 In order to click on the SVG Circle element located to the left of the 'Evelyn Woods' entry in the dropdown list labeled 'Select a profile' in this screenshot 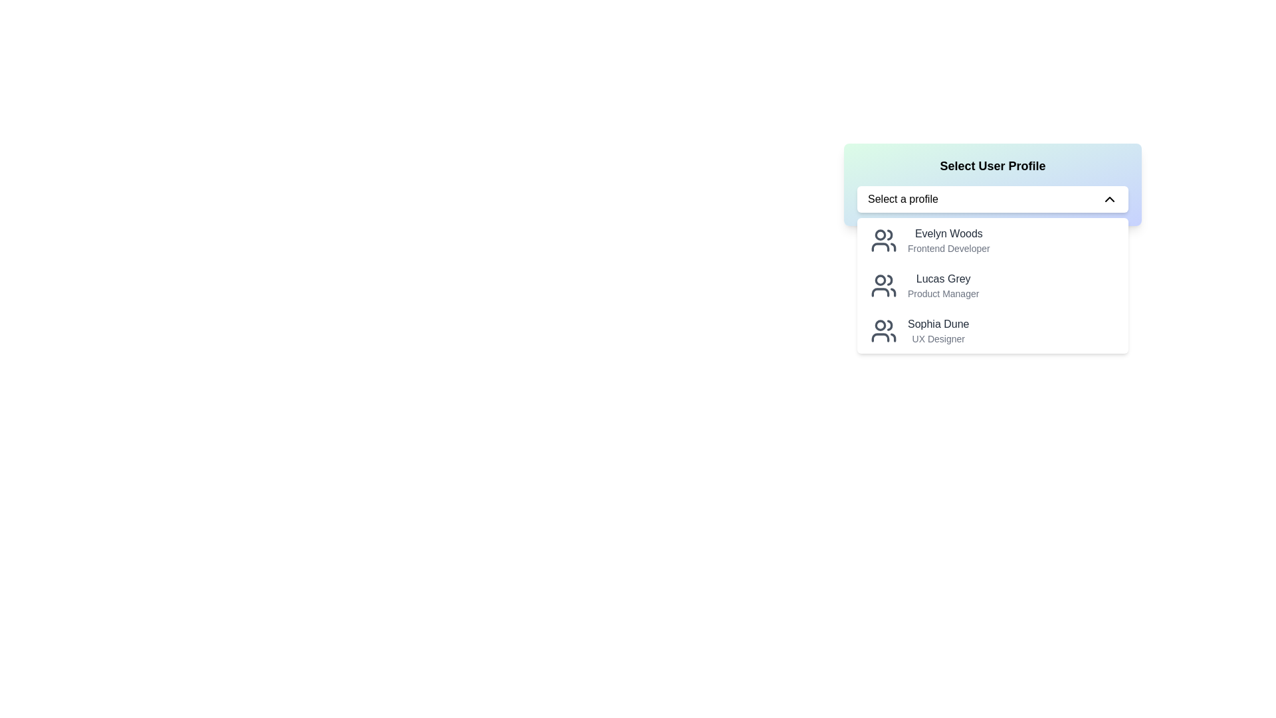, I will do `click(880, 234)`.